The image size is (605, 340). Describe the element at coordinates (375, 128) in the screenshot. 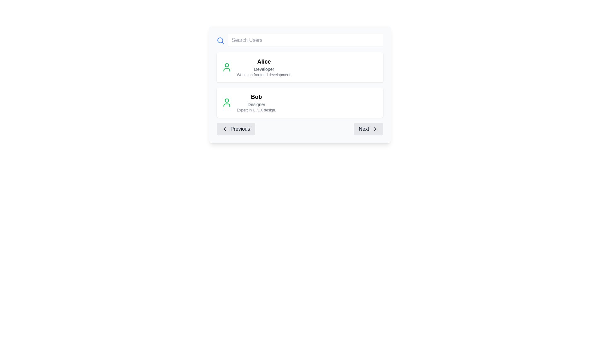

I see `the small, right-pointing arrow icon within the 'Next' button located at the bottom-right of the interface` at that location.